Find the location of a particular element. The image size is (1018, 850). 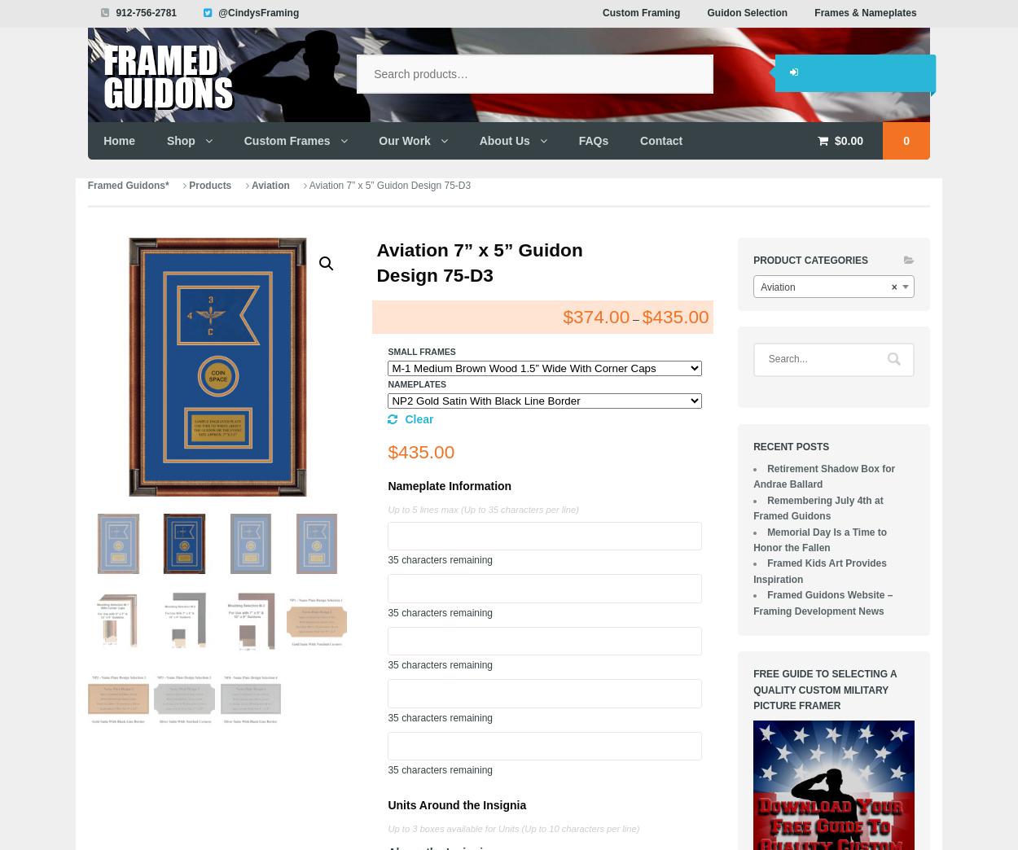

'Small Frames' is located at coordinates (421, 351).